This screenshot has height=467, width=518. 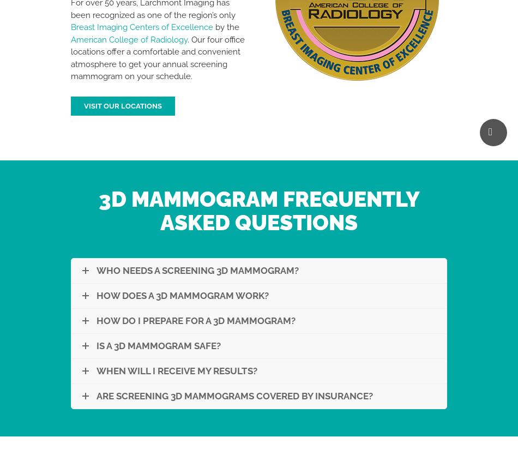 What do you see at coordinates (176, 370) in the screenshot?
I see `'When Will I Receive My Results?'` at bounding box center [176, 370].